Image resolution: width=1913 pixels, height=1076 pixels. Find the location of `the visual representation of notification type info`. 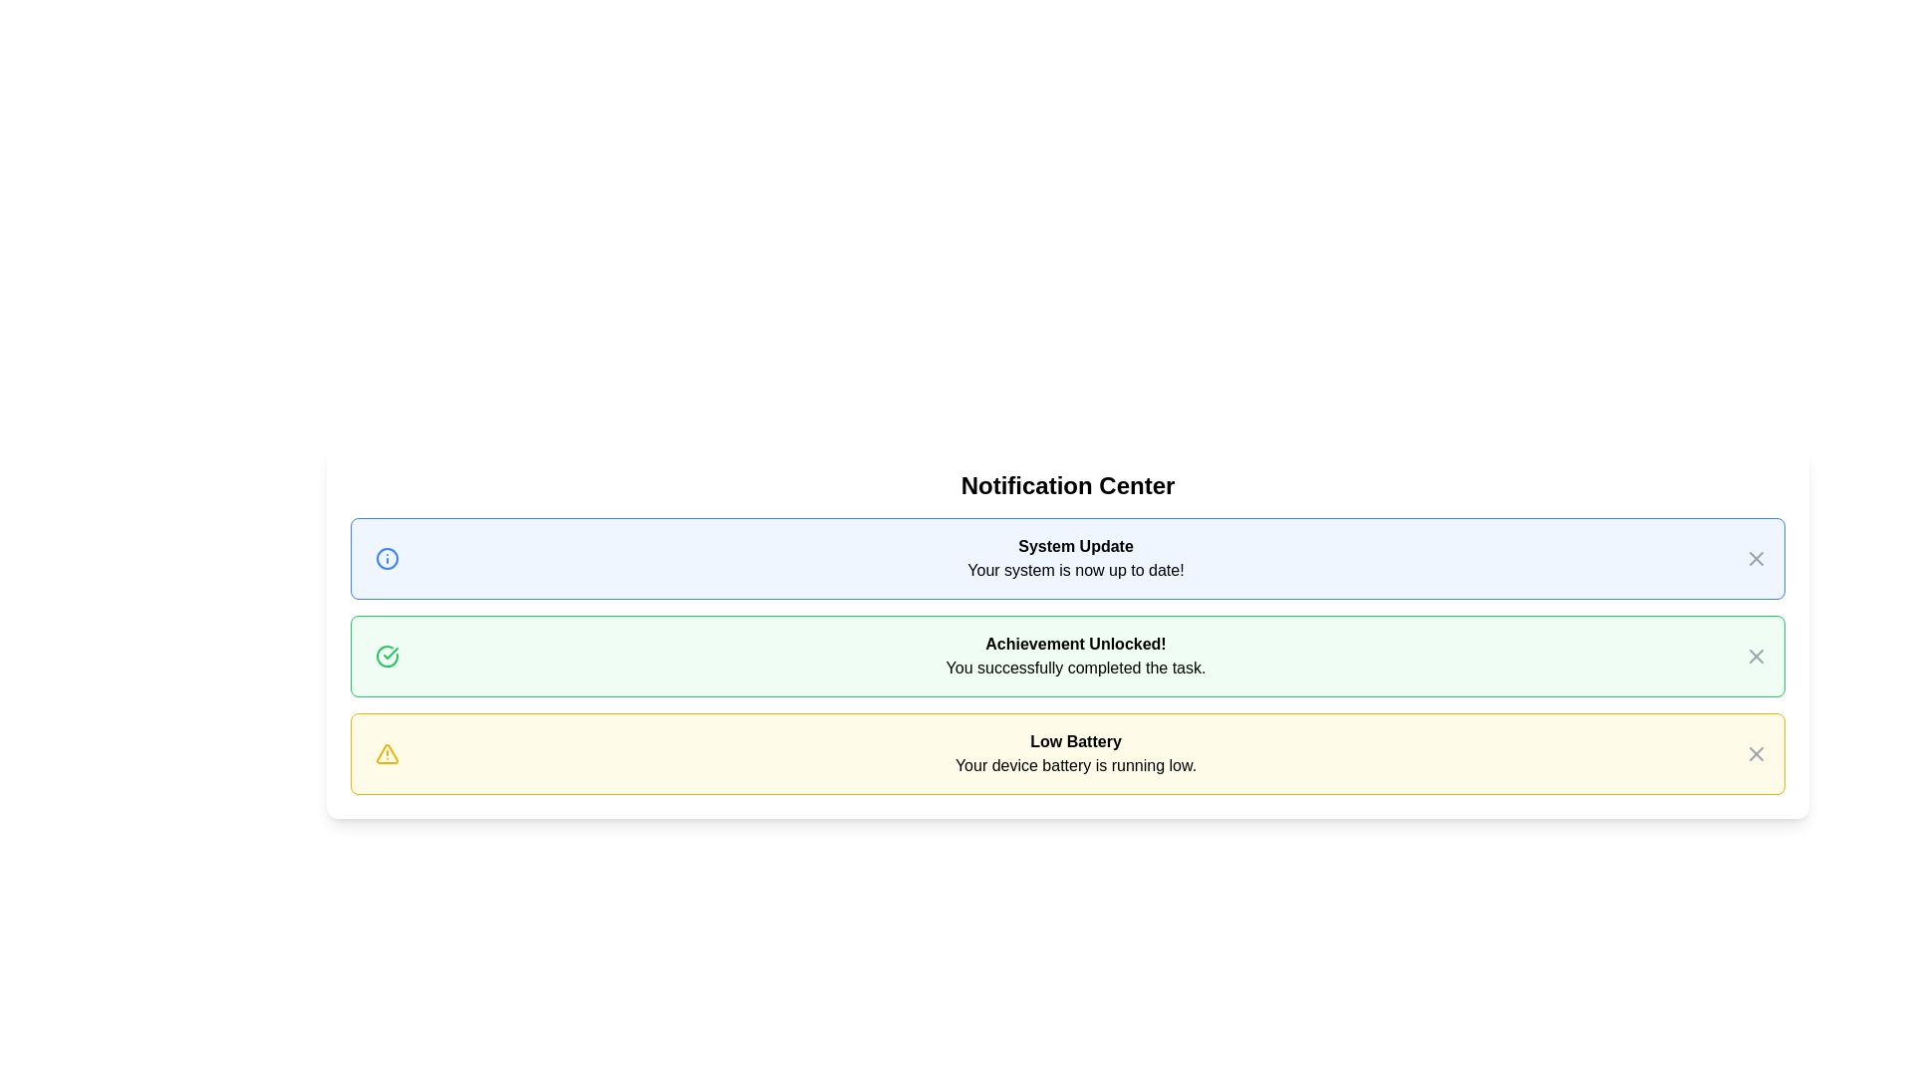

the visual representation of notification type info is located at coordinates (387, 558).